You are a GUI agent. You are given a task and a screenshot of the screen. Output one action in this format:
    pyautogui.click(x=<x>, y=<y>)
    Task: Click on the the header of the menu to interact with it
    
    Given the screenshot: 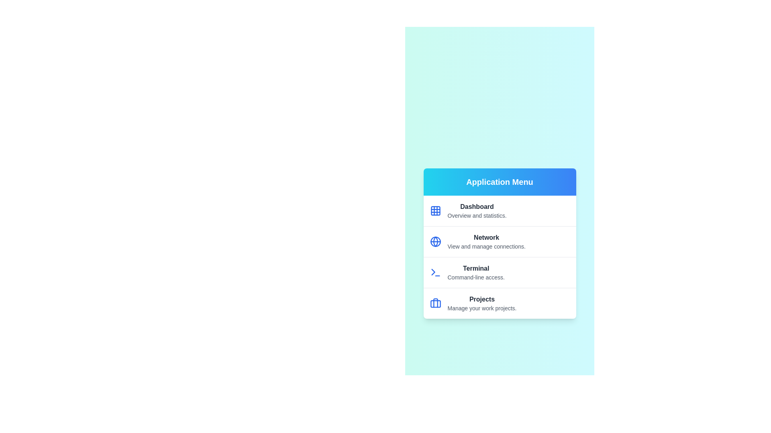 What is the action you would take?
    pyautogui.click(x=499, y=182)
    